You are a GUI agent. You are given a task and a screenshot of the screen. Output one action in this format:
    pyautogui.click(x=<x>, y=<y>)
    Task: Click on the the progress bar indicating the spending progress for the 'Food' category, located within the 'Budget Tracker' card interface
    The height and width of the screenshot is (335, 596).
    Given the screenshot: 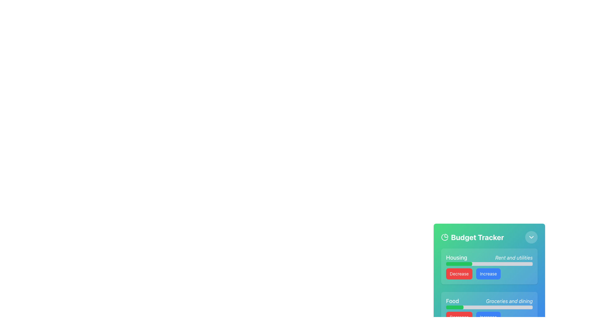 What is the action you would take?
    pyautogui.click(x=454, y=307)
    